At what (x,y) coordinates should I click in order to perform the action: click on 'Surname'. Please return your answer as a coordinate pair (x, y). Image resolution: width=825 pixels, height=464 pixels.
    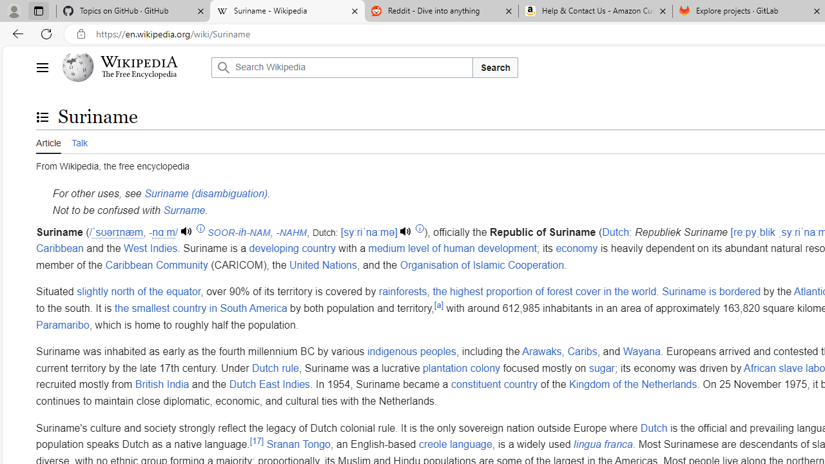
    Looking at the image, I should click on (184, 209).